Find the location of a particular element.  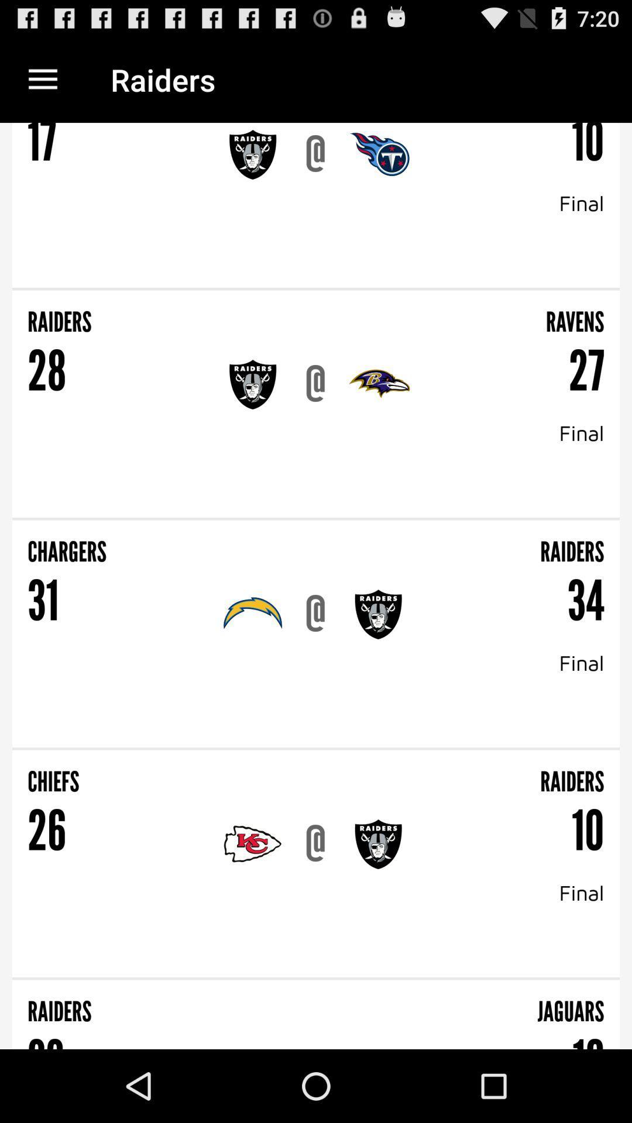

the item above the 17 is located at coordinates (42, 79).